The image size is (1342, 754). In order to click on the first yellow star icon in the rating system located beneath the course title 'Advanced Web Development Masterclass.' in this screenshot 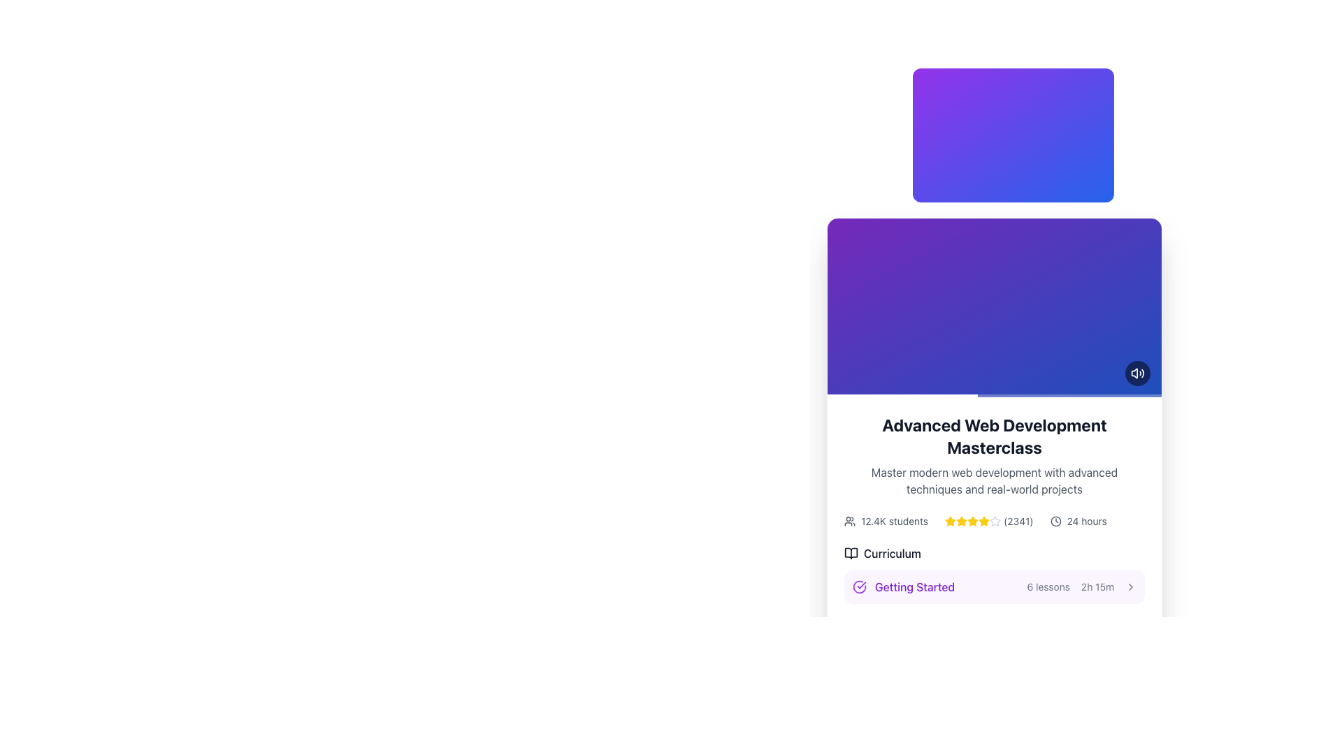, I will do `click(951, 522)`.